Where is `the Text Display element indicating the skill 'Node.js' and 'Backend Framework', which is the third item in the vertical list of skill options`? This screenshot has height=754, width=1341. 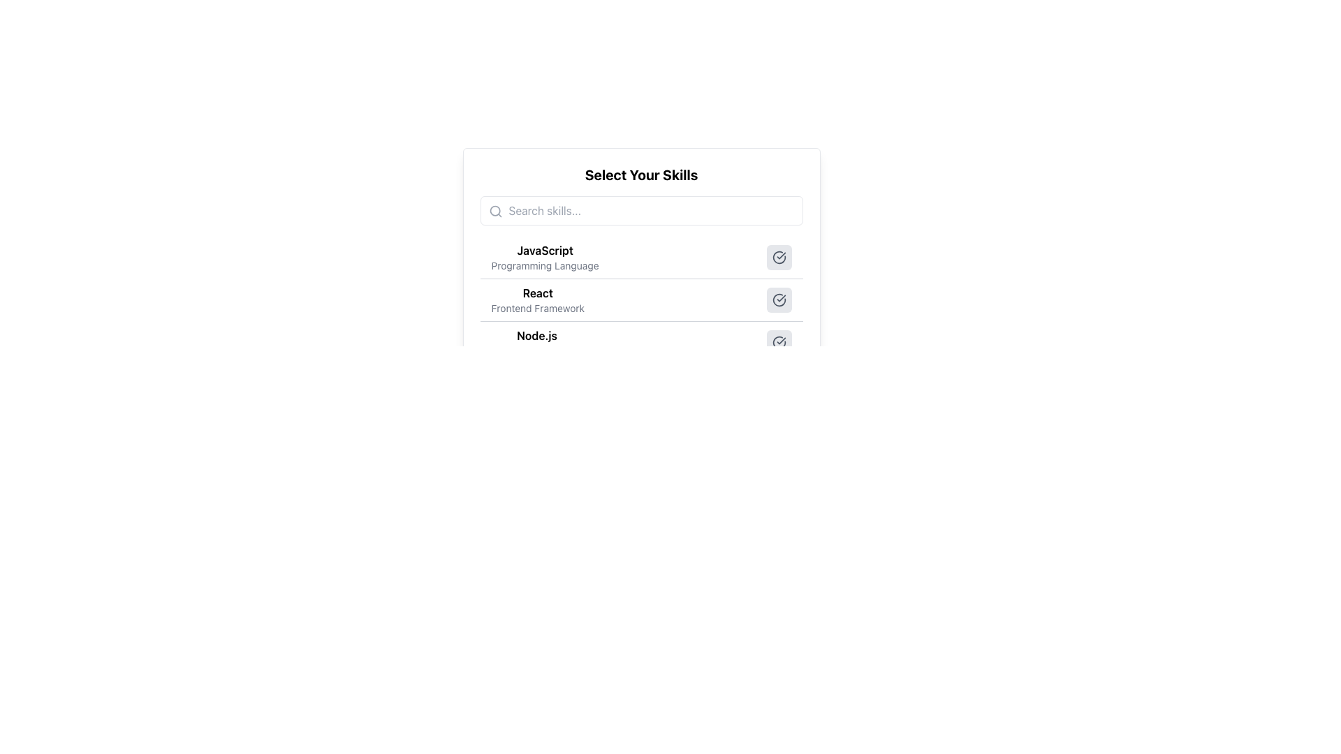 the Text Display element indicating the skill 'Node.js' and 'Backend Framework', which is the third item in the vertical list of skill options is located at coordinates (536, 342).